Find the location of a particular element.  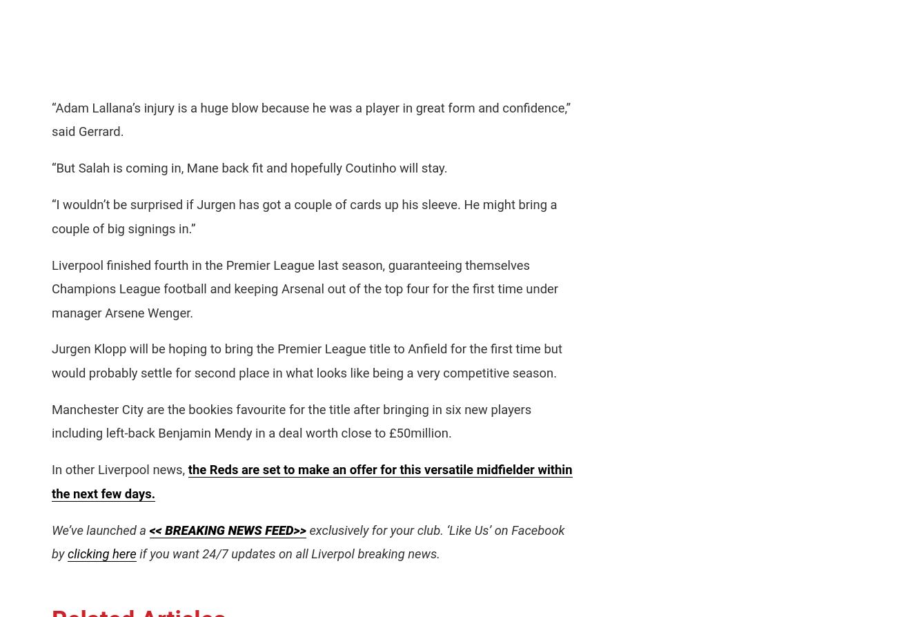

'the Reds are set to make an offer for this versatile midfielder within the next few days.' is located at coordinates (311, 480).